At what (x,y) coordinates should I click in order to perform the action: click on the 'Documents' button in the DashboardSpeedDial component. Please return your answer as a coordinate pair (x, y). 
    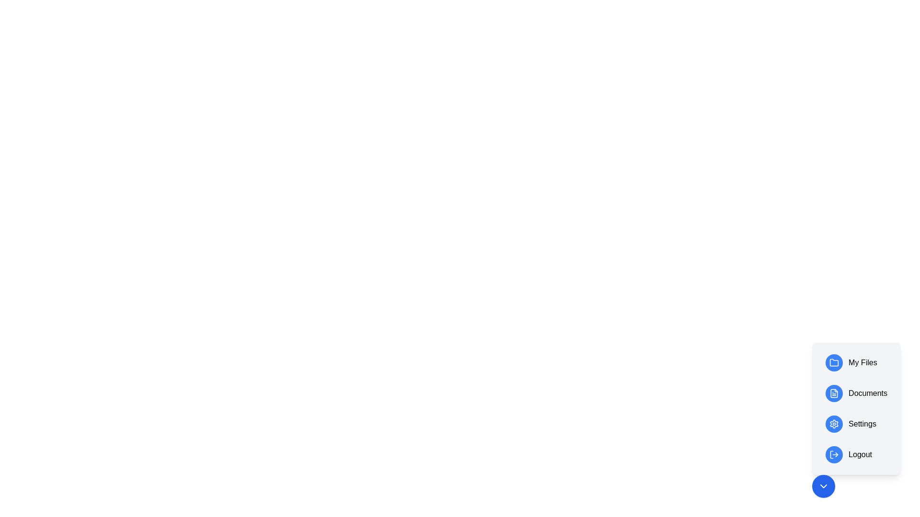
    Looking at the image, I should click on (856, 393).